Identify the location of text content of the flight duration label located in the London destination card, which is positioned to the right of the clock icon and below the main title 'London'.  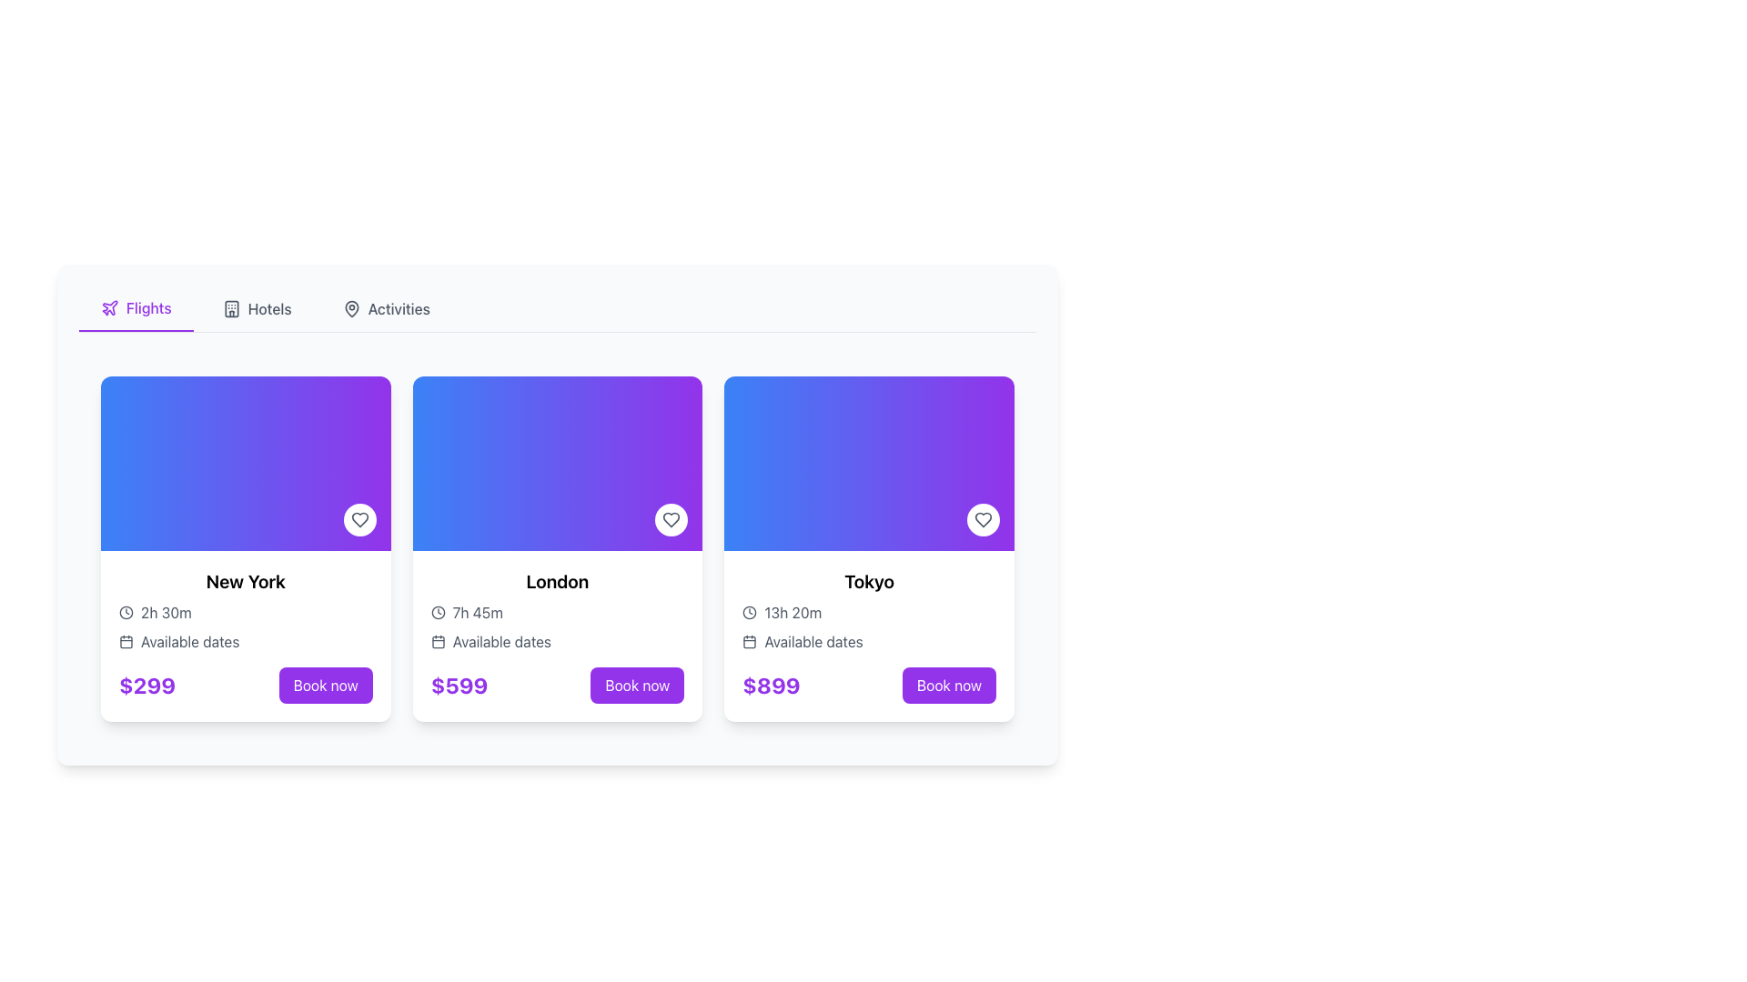
(478, 613).